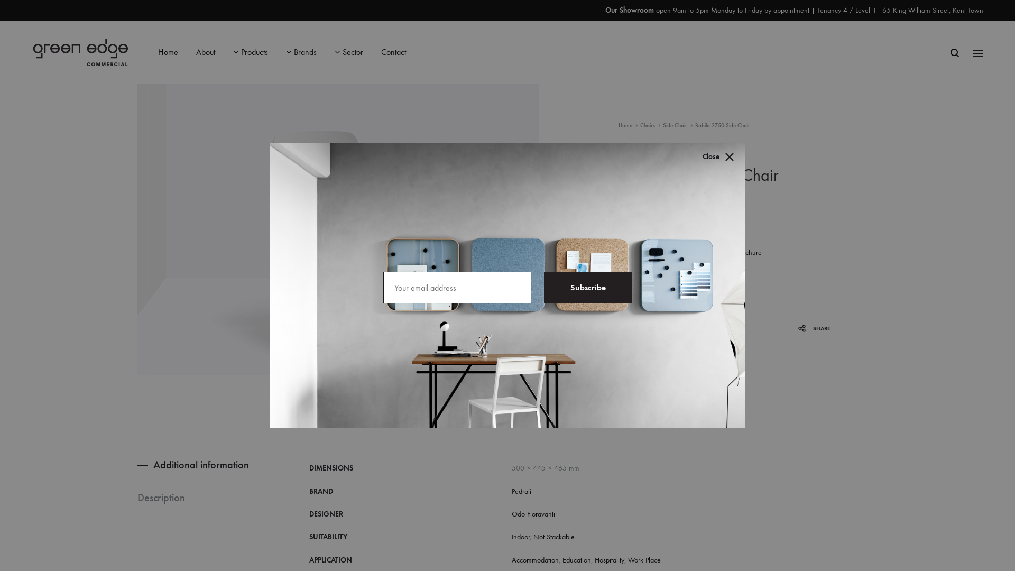  I want to click on 'CHAIRS', so click(669, 386).